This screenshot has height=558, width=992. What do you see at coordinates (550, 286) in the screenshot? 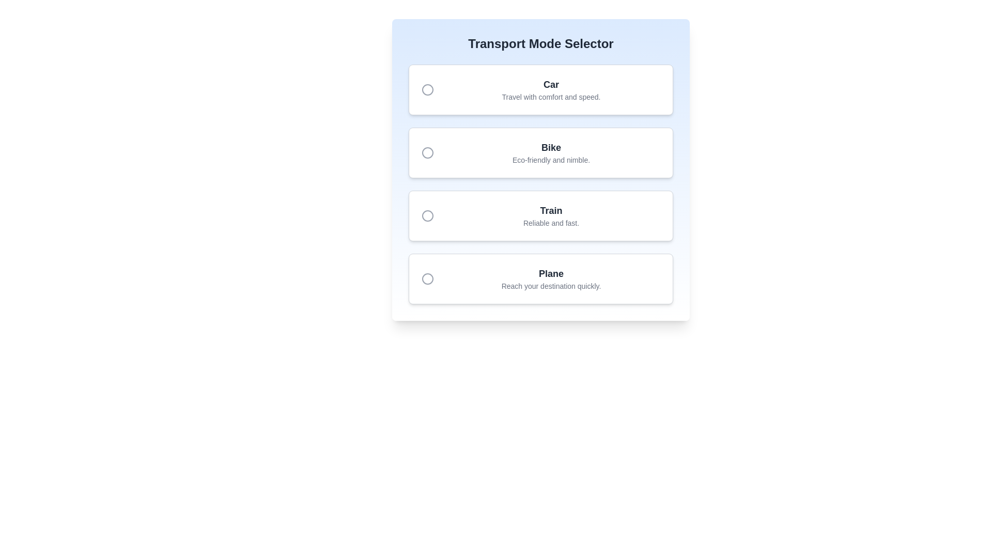
I see `the text block that says 'Reach your destination quickly.' located at the bottom of the card under the label 'Plane'` at bounding box center [550, 286].